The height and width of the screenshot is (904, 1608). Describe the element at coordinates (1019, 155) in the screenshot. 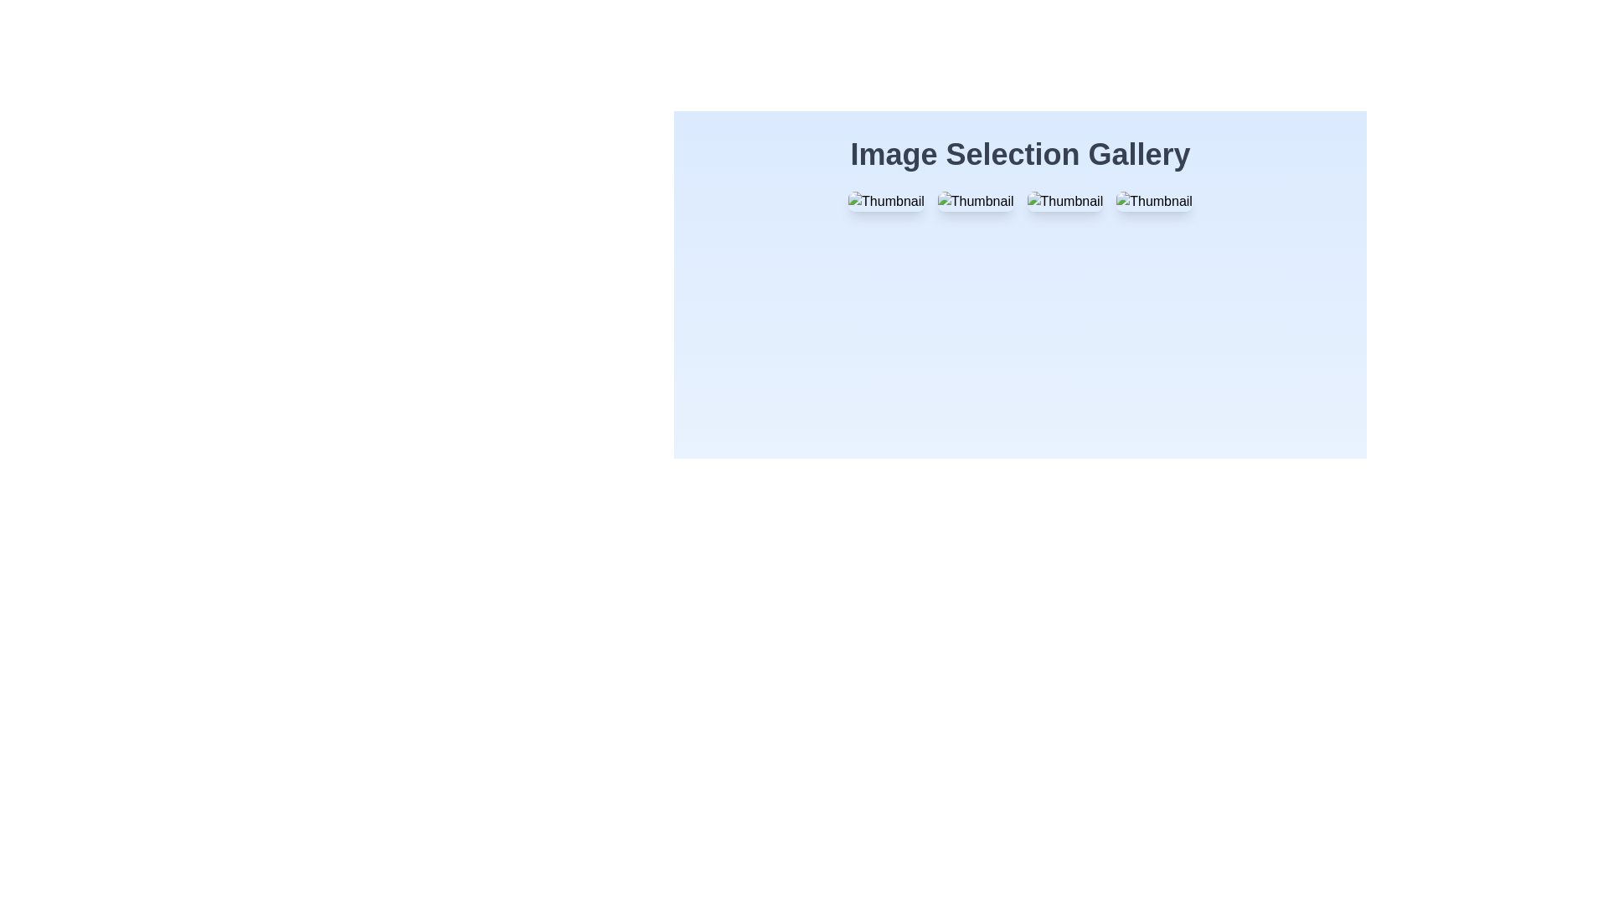

I see `the header text 'Image Selection Gallery' displayed prominently at the top of the view` at that location.